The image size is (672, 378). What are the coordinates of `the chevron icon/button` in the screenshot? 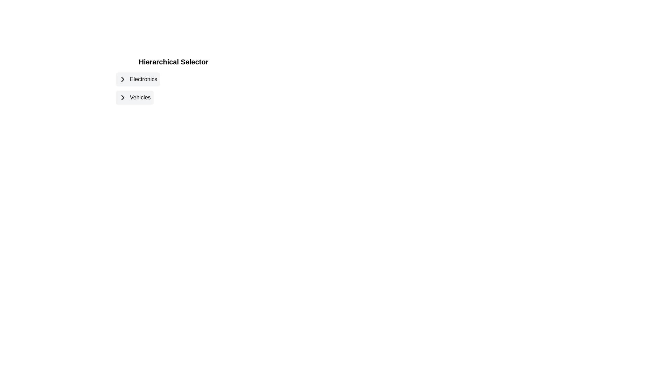 It's located at (122, 79).